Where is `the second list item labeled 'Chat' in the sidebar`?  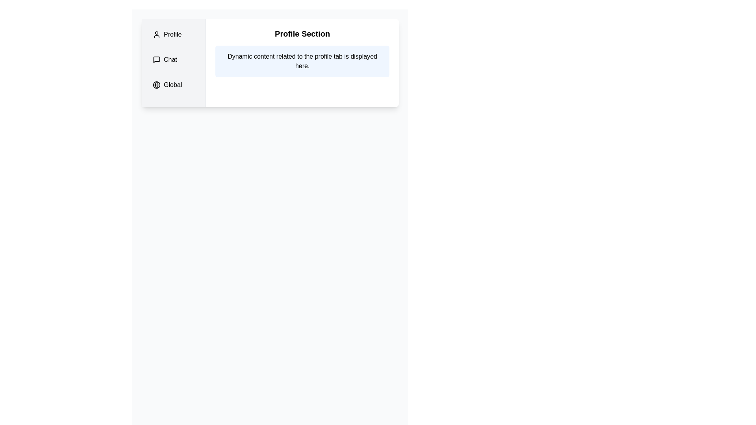
the second list item labeled 'Chat' in the sidebar is located at coordinates (173, 62).